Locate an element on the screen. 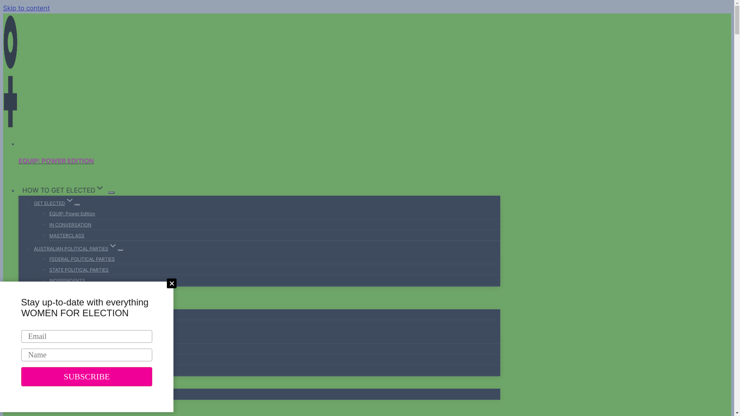 Image resolution: width=740 pixels, height=416 pixels. 'INDEPENDENTS' is located at coordinates (67, 280).